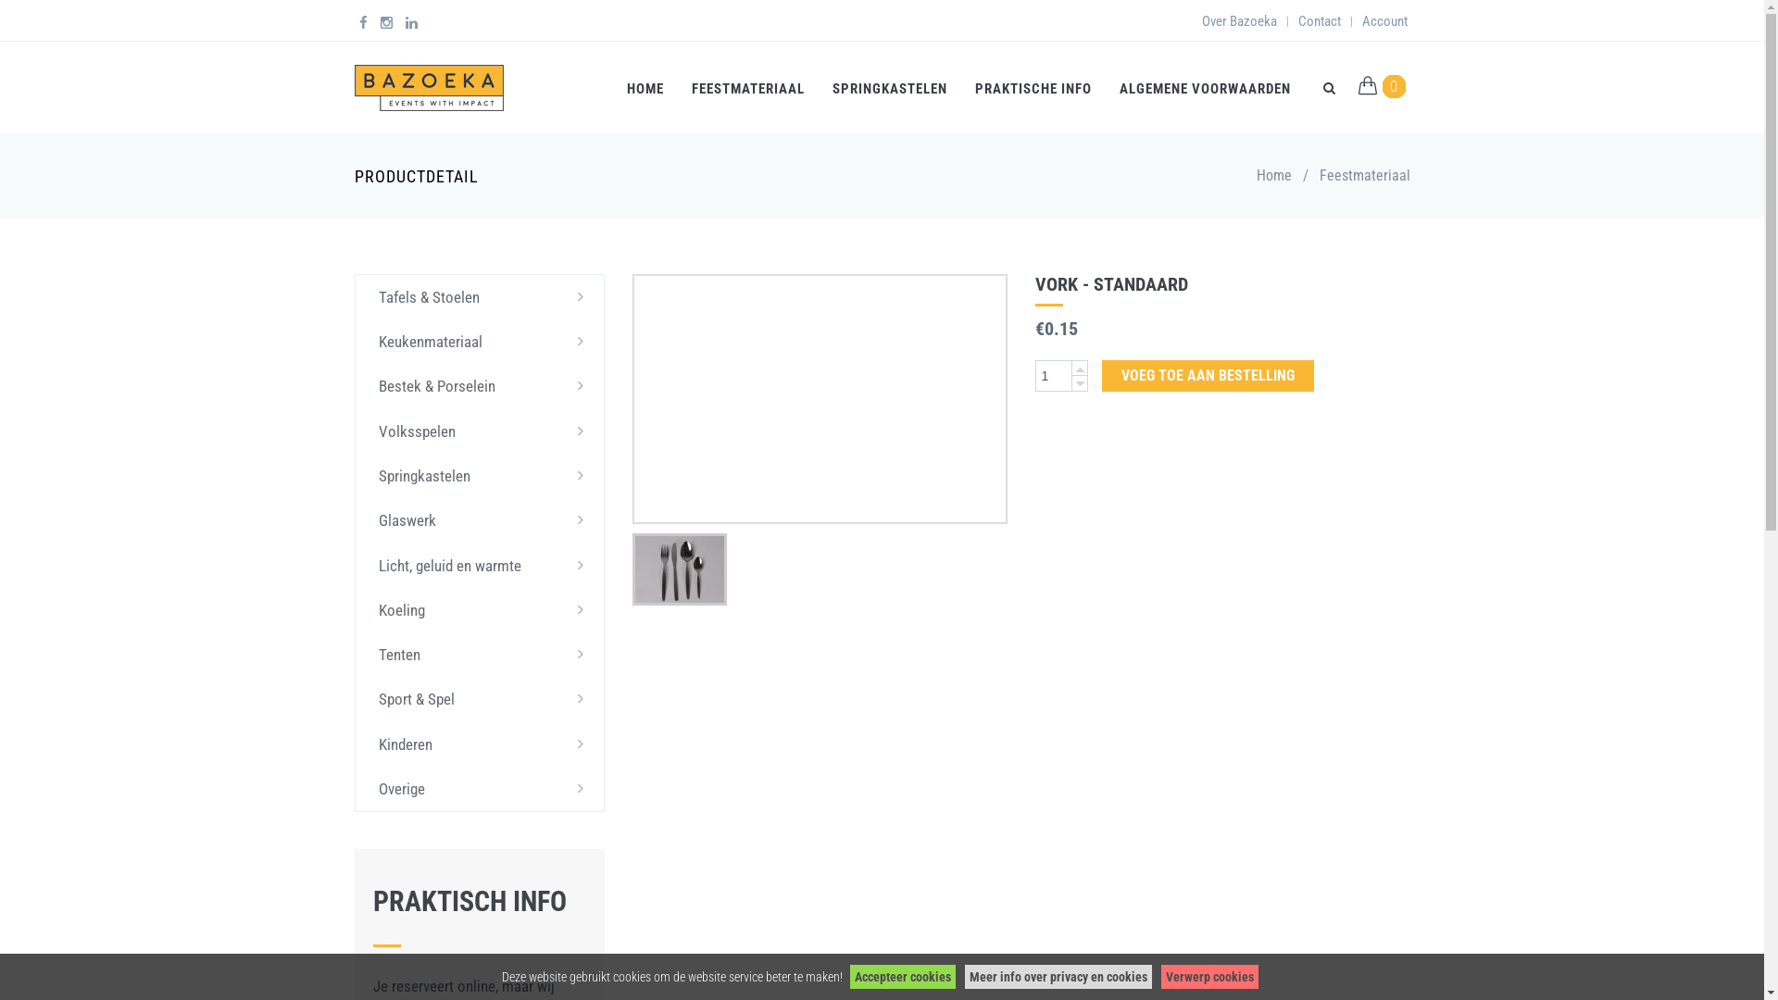 The image size is (1778, 1000). What do you see at coordinates (1239, 21) in the screenshot?
I see `'Over Bazoeka'` at bounding box center [1239, 21].